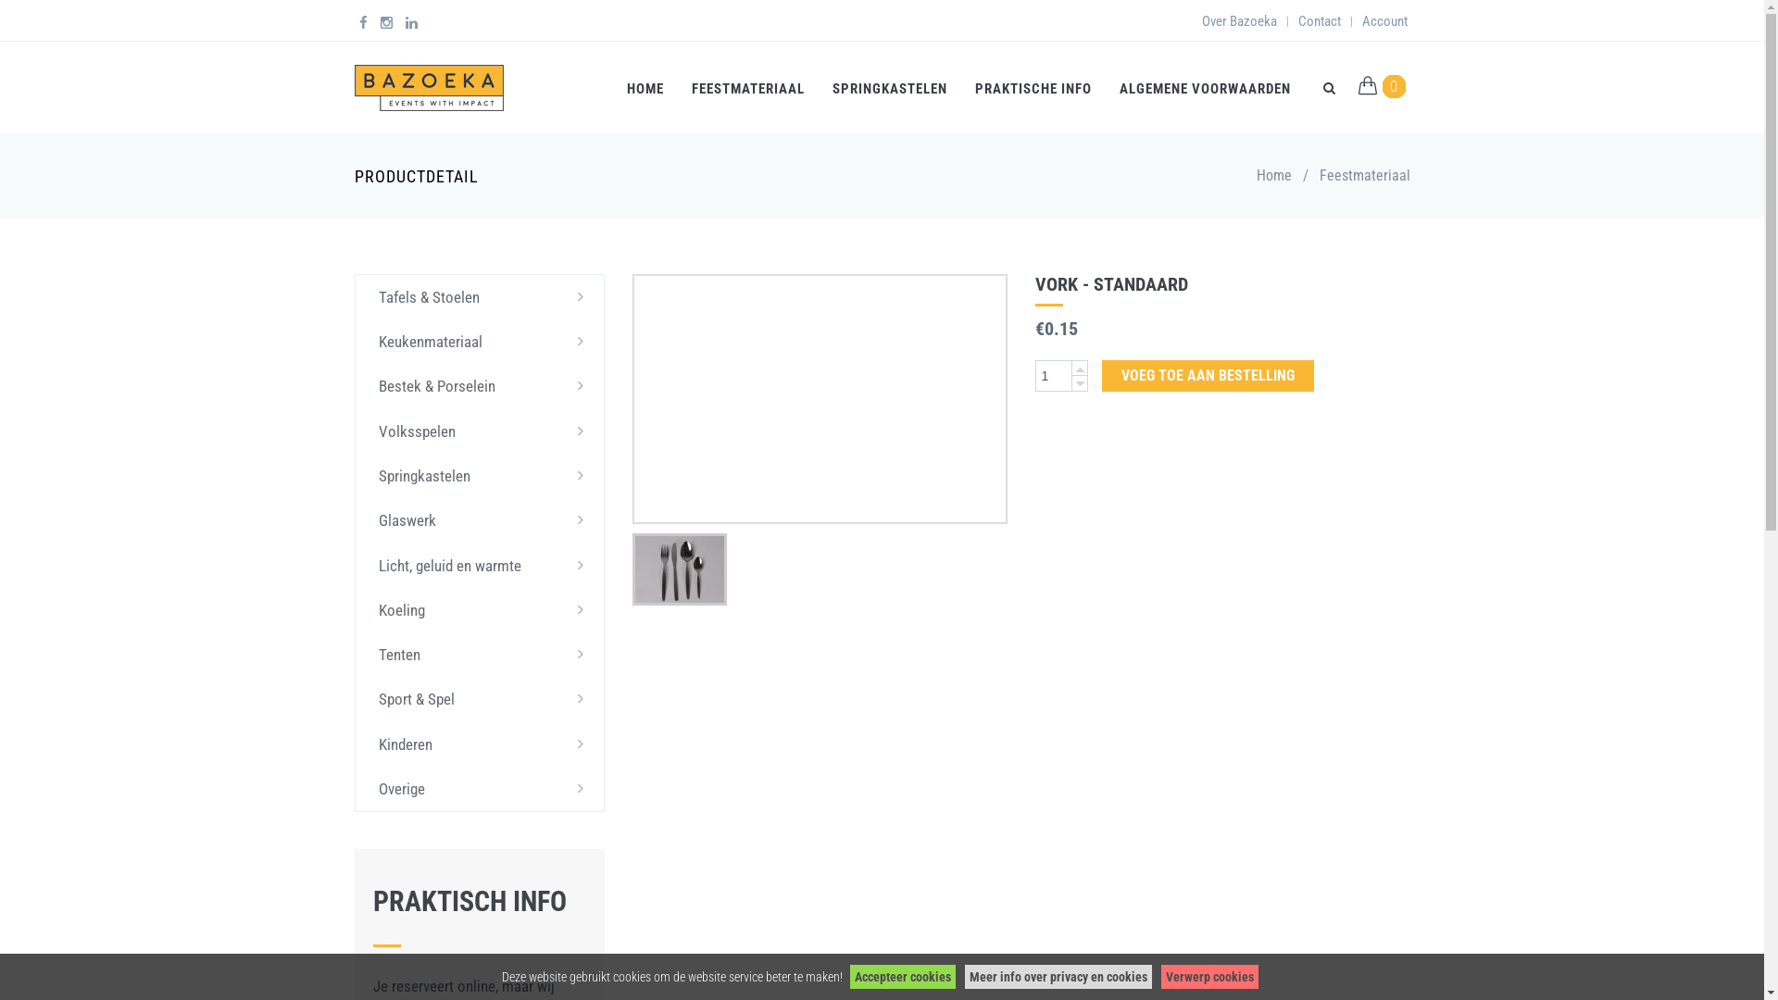 The image size is (1778, 1000). What do you see at coordinates (1239, 21) in the screenshot?
I see `'Over Bazoeka'` at bounding box center [1239, 21].